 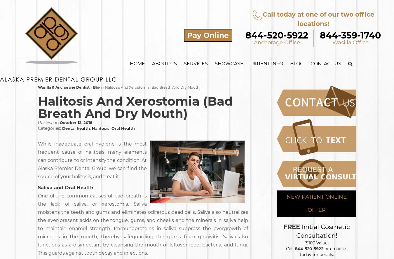 What do you see at coordinates (318, 18) in the screenshot?
I see `'Call today at one of our two office locations!'` at bounding box center [318, 18].